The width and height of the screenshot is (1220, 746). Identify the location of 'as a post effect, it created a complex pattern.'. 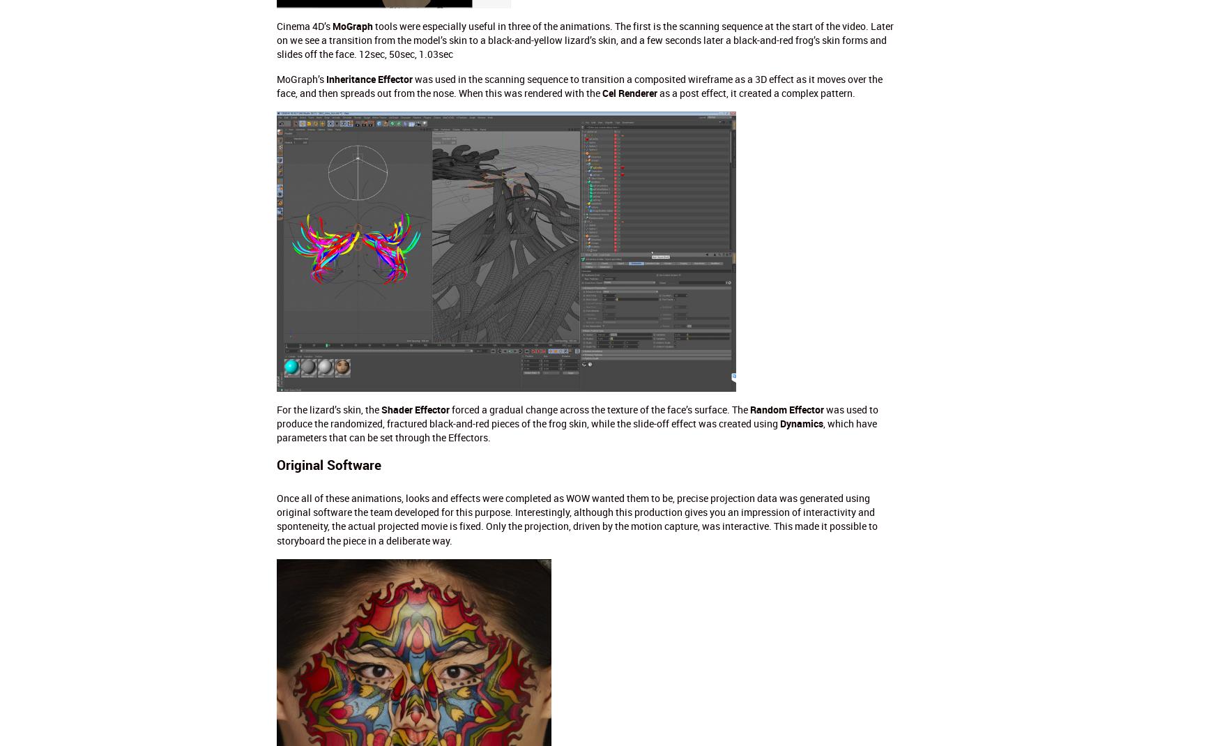
(755, 93).